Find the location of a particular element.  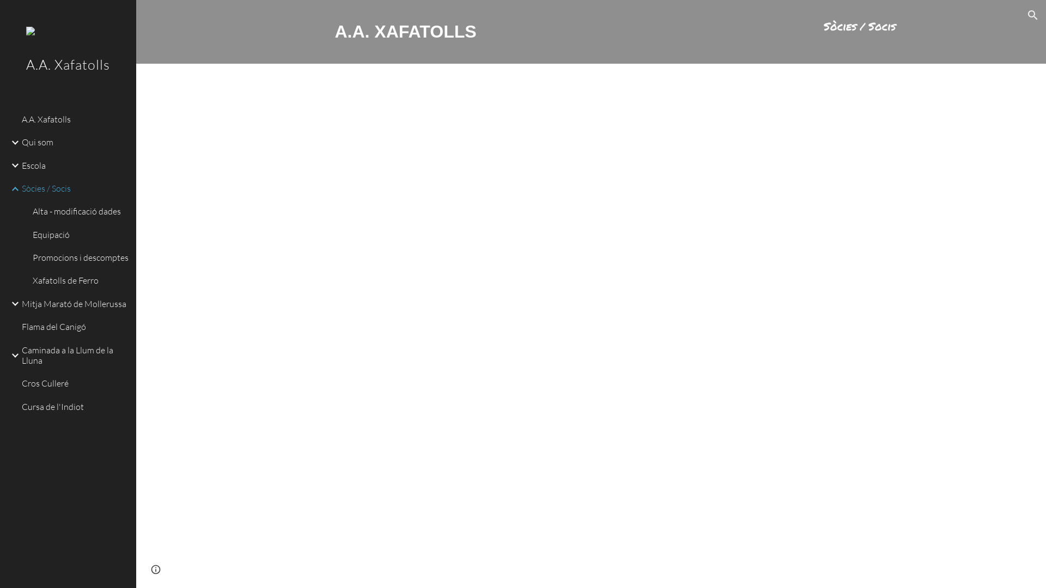

'Xafatolls de Ferro' is located at coordinates (80, 280).